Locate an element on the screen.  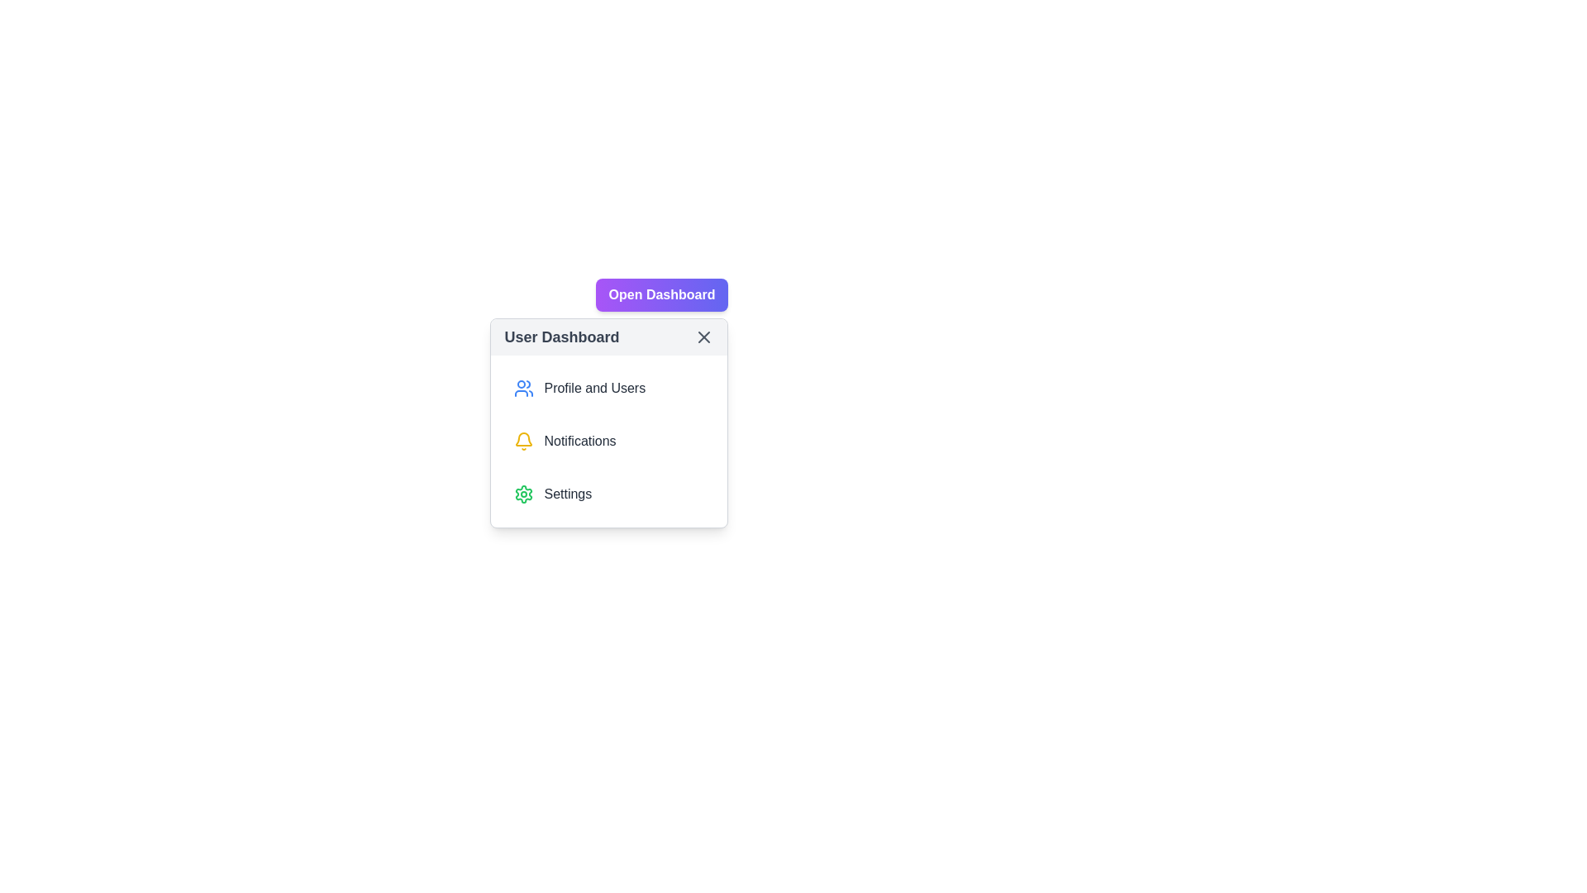
the 'Profile and Users' text label is located at coordinates (594, 389).